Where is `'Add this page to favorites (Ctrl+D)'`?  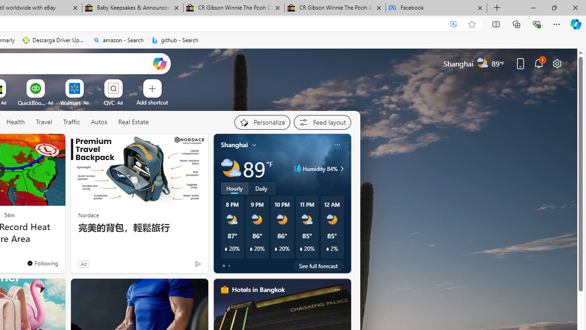
'Add this page to favorites (Ctrl+D)' is located at coordinates (472, 24).